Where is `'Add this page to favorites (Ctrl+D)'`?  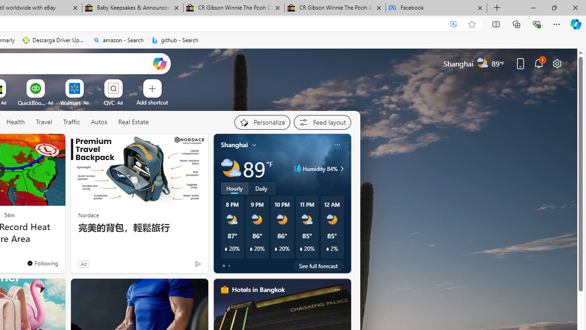
'Add this page to favorites (Ctrl+D)' is located at coordinates (472, 24).